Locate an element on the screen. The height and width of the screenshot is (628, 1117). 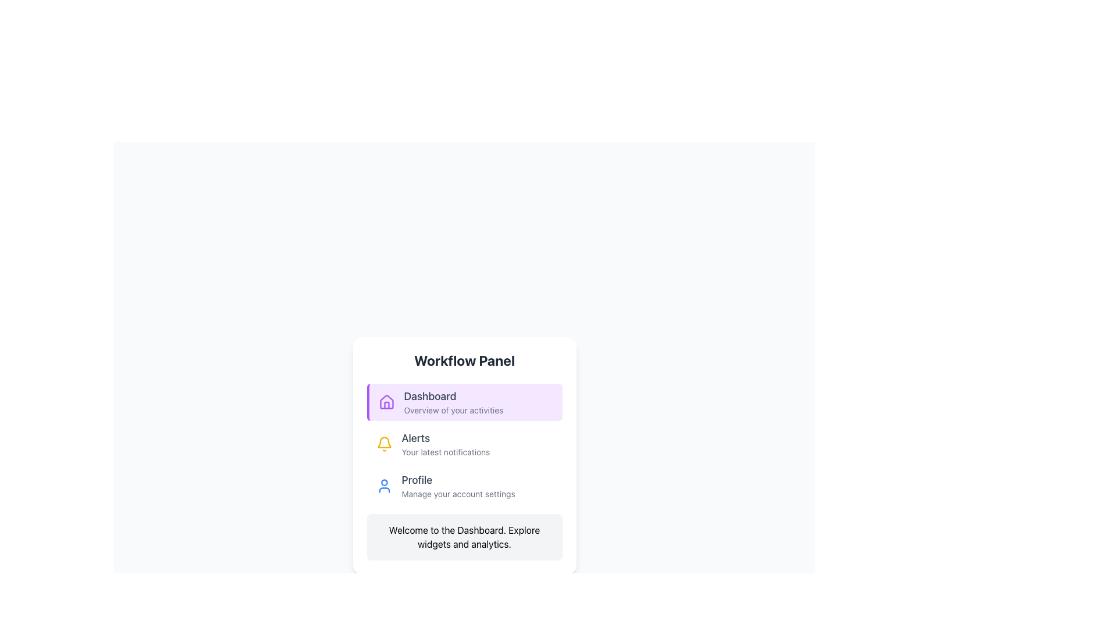
the 'Alerts' section of the navigation menu located in the central 'Workflow Panel' is located at coordinates (464, 444).